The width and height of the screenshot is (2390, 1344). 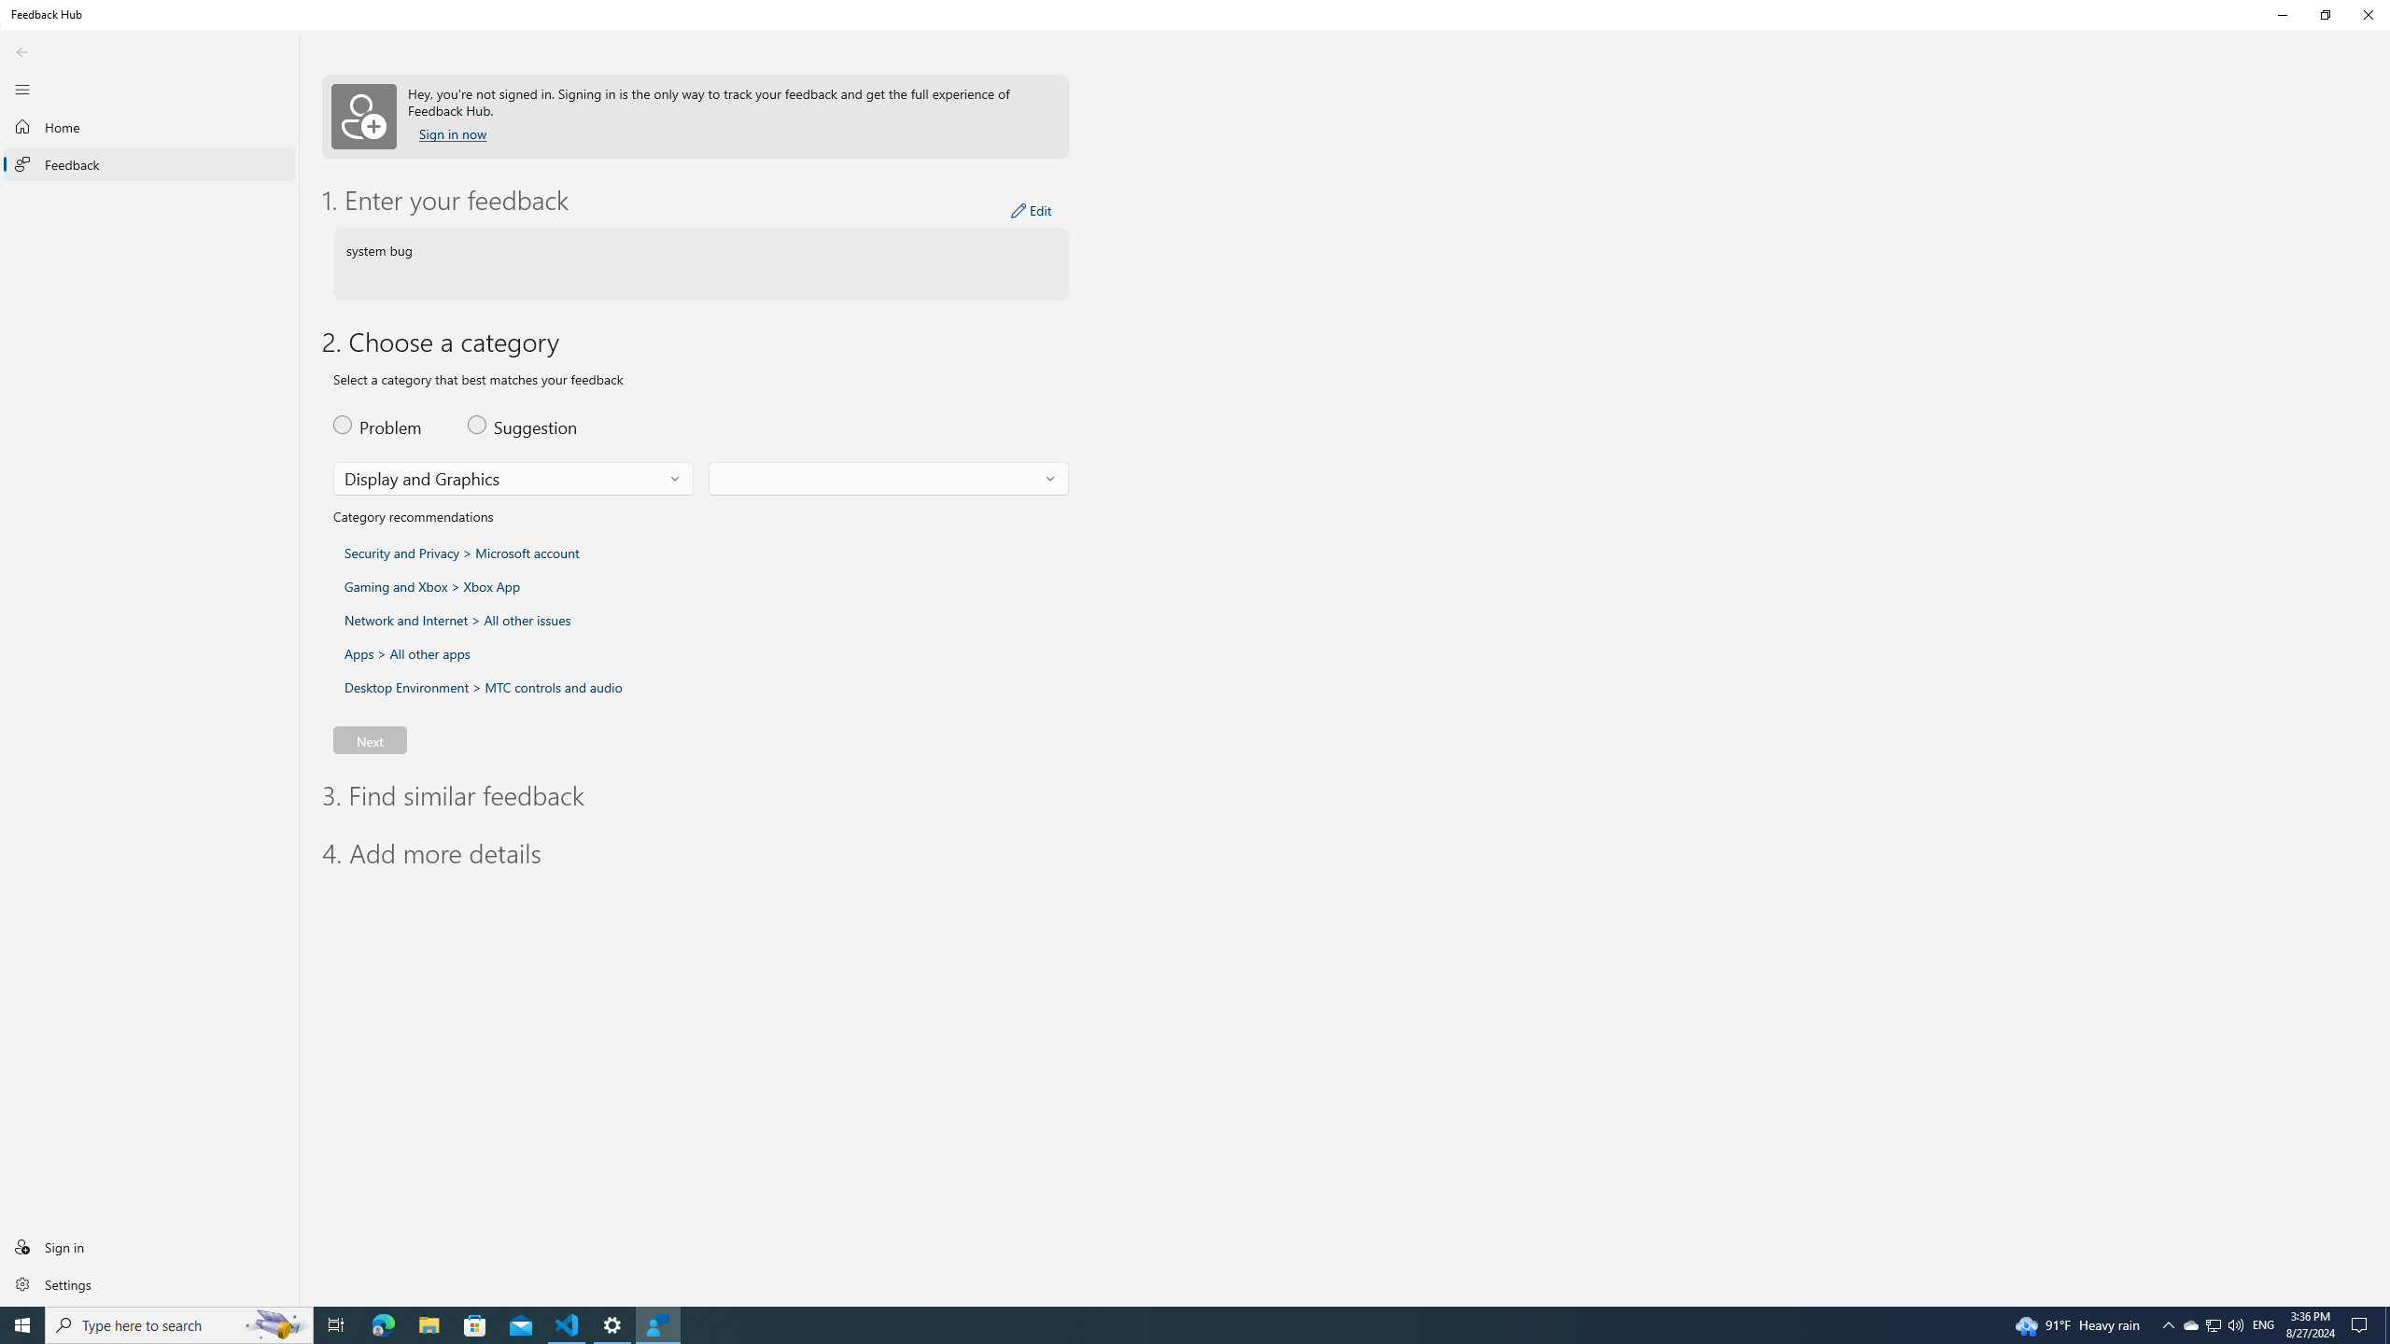 I want to click on 'Feedback type, Problem', so click(x=387, y=425).